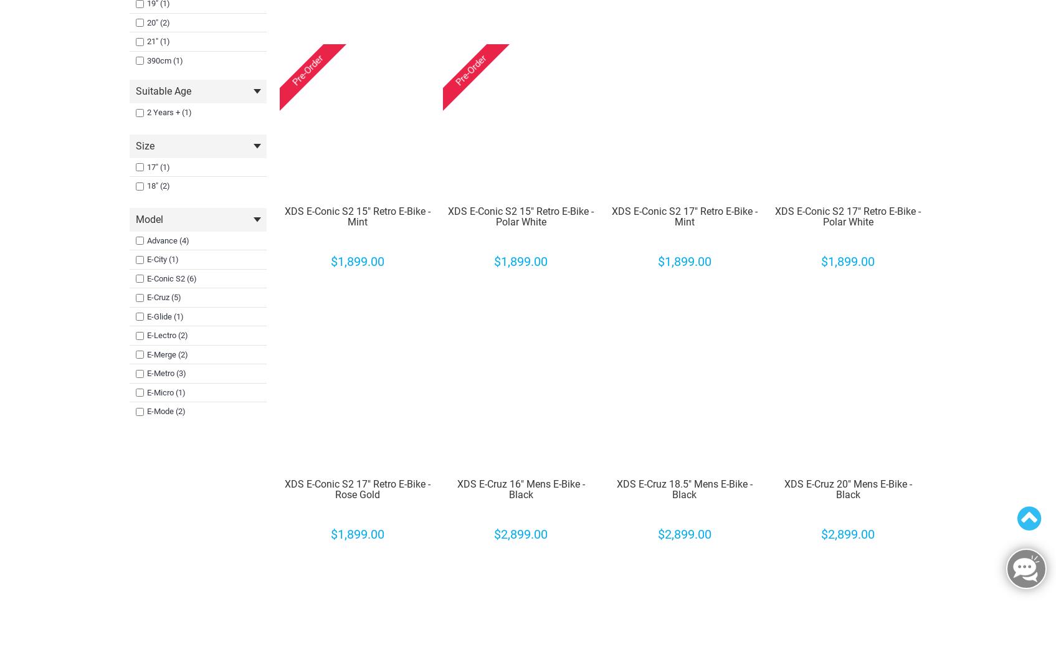 Image resolution: width=1056 pixels, height=647 pixels. Describe the element at coordinates (166, 524) in the screenshot. I see `'E-Street (5)'` at that location.